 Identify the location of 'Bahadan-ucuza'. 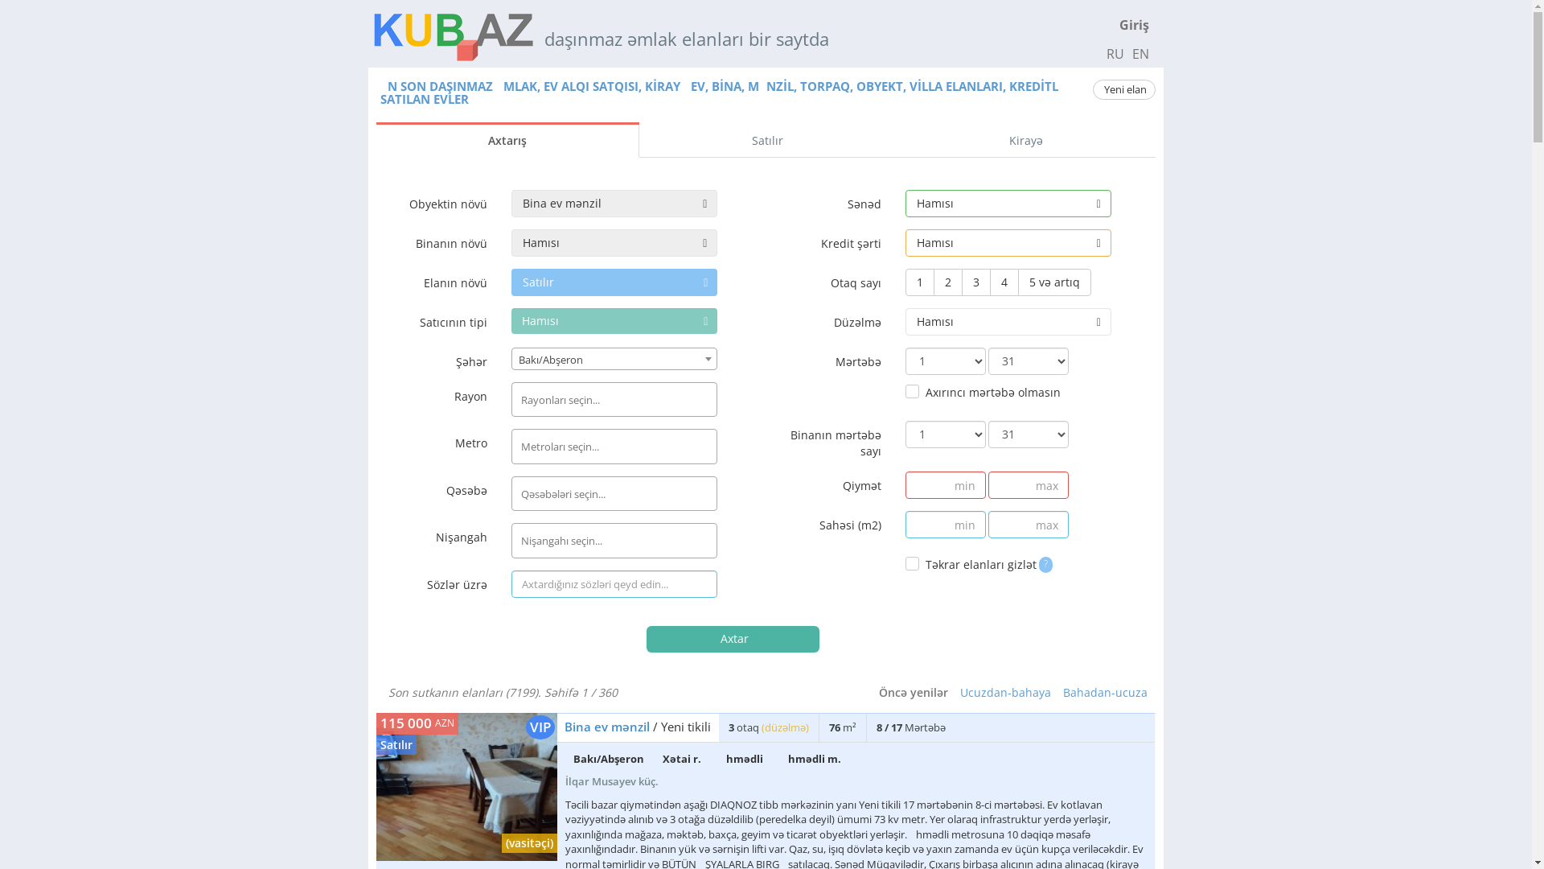
(1104, 691).